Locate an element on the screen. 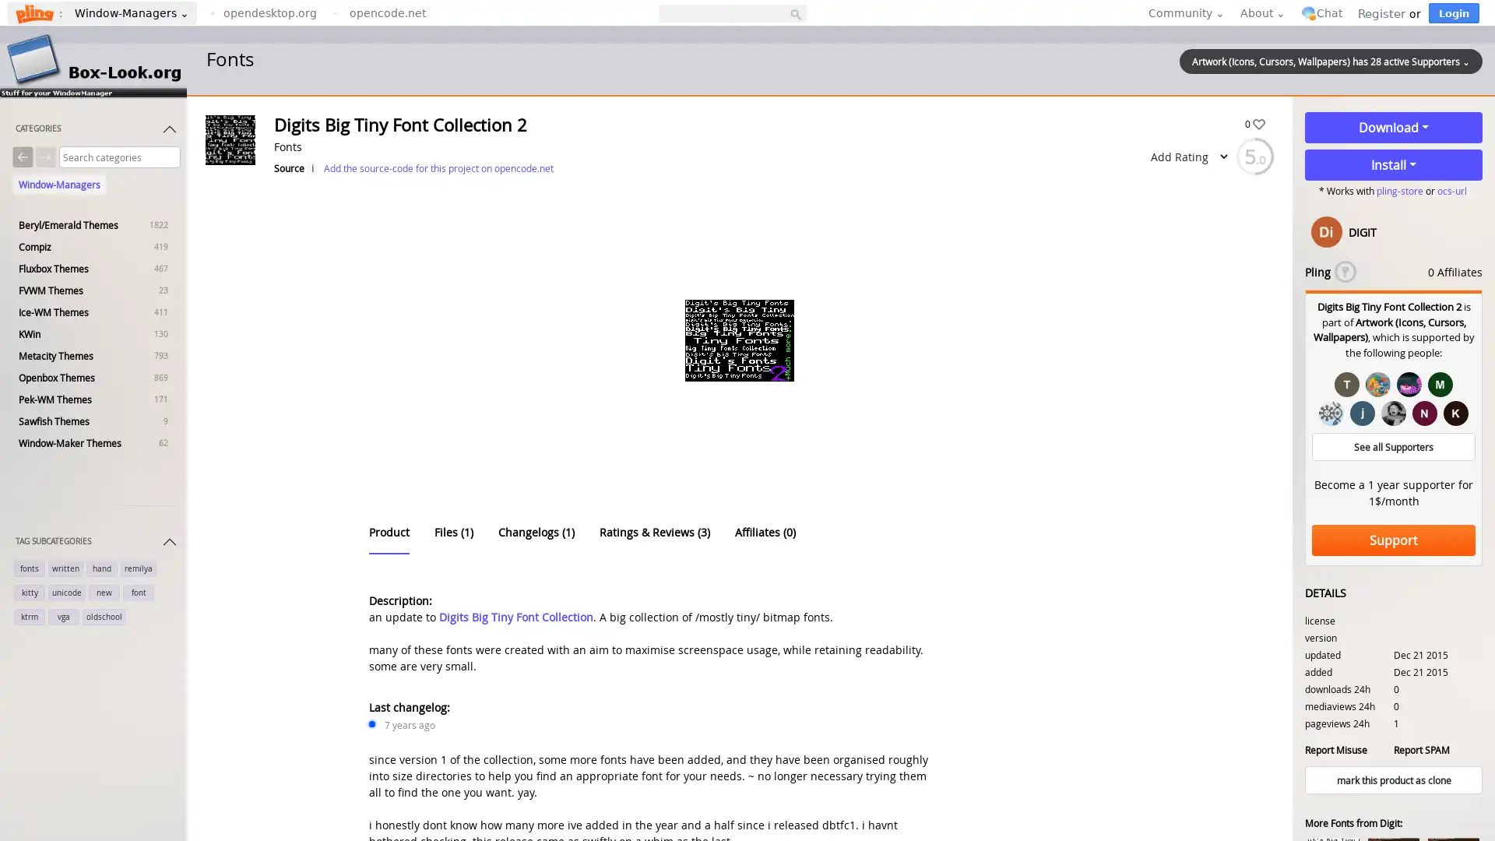  Install is located at coordinates (1394, 165).